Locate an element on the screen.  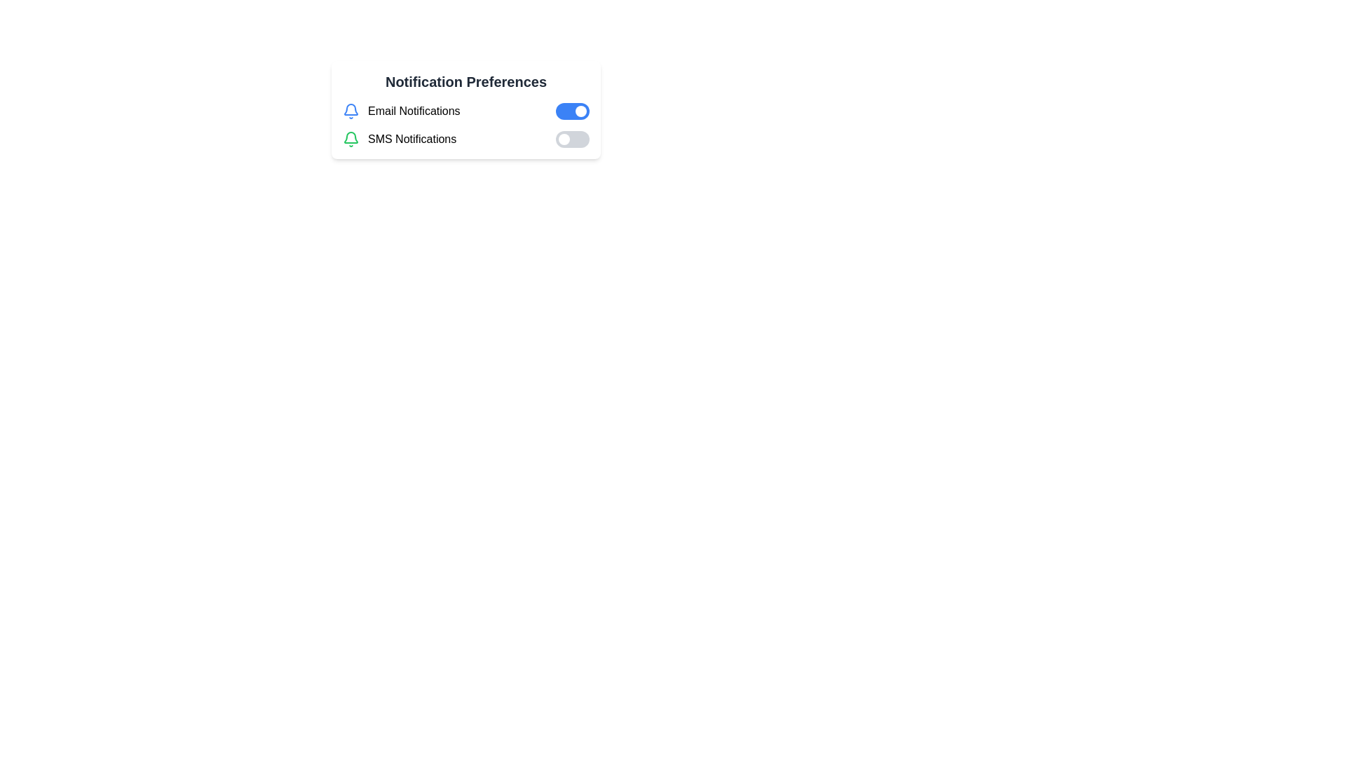
the toggle indicator for the 'Email Notifications' option, which is a small rounded circle within a blue sliding toggle track is located at coordinates (581, 110).